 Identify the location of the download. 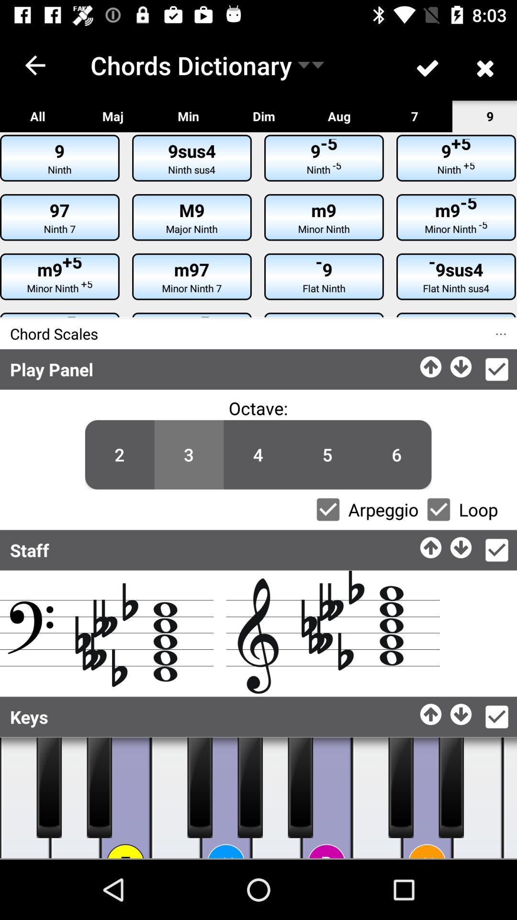
(461, 545).